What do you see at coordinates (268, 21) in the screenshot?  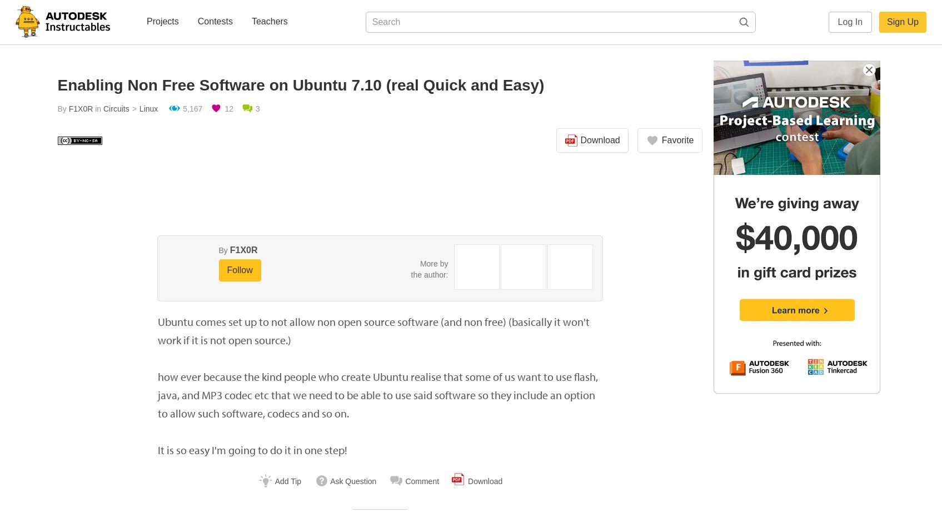 I see `'Teachers'` at bounding box center [268, 21].